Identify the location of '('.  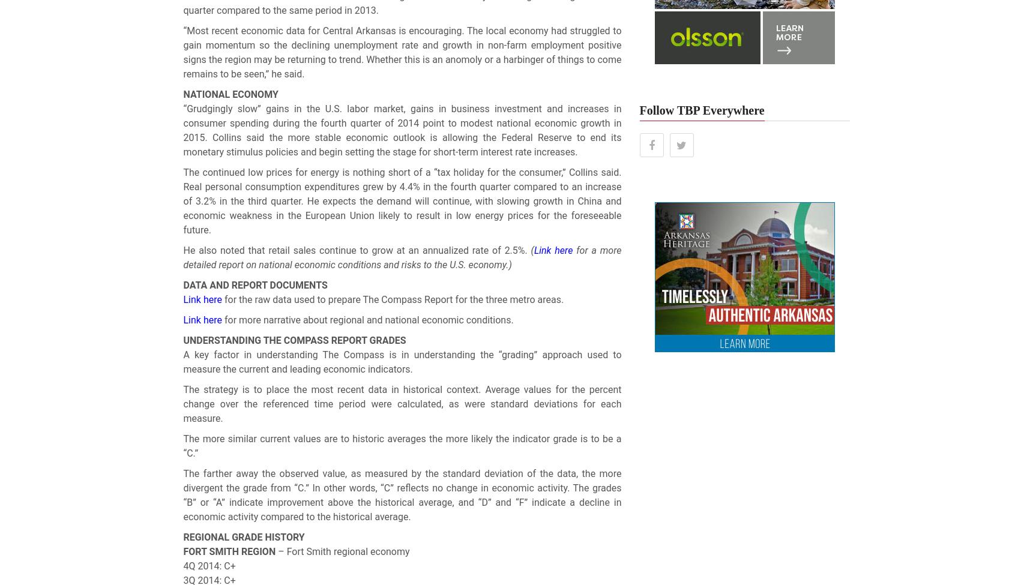
(532, 250).